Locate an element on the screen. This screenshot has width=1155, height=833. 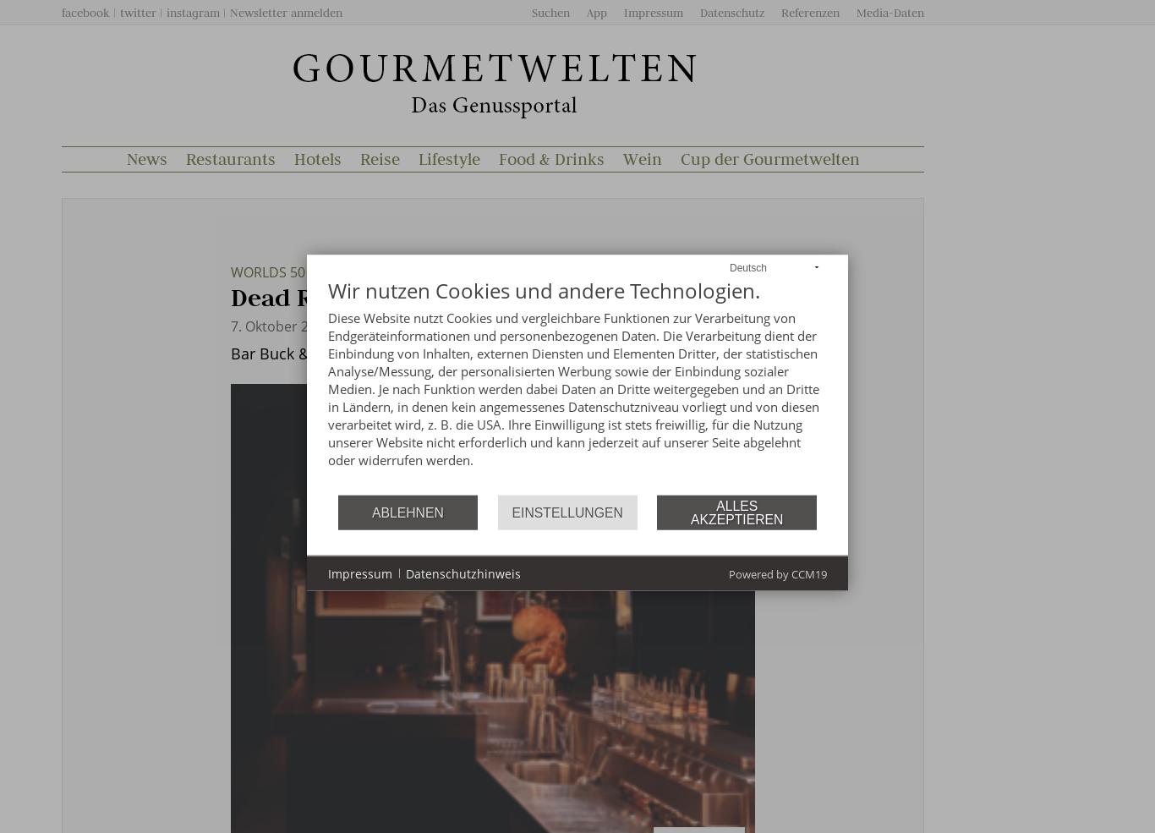
'Suchen' is located at coordinates (531, 12).